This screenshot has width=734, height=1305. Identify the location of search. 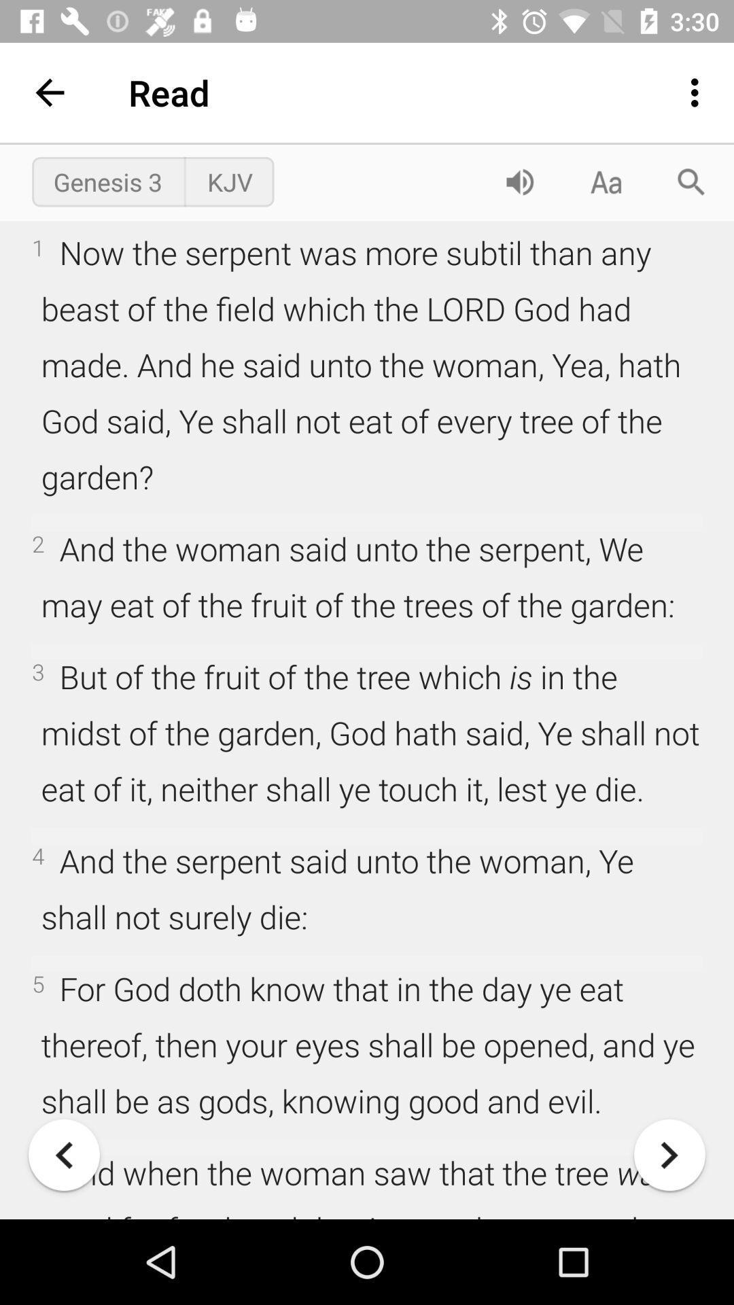
(691, 181).